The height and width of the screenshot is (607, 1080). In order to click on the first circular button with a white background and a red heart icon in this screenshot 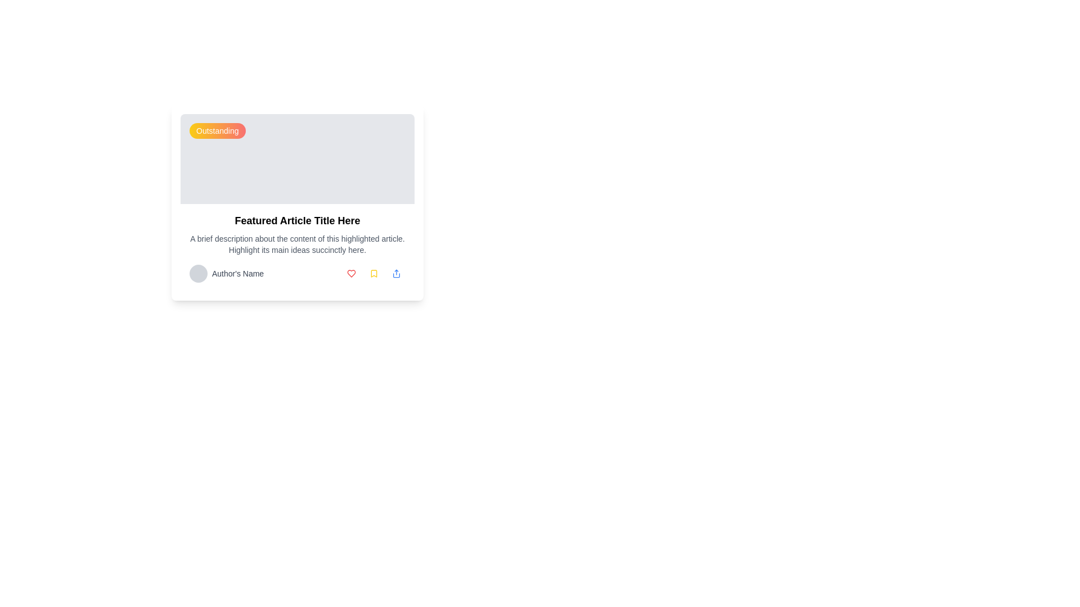, I will do `click(350, 273)`.